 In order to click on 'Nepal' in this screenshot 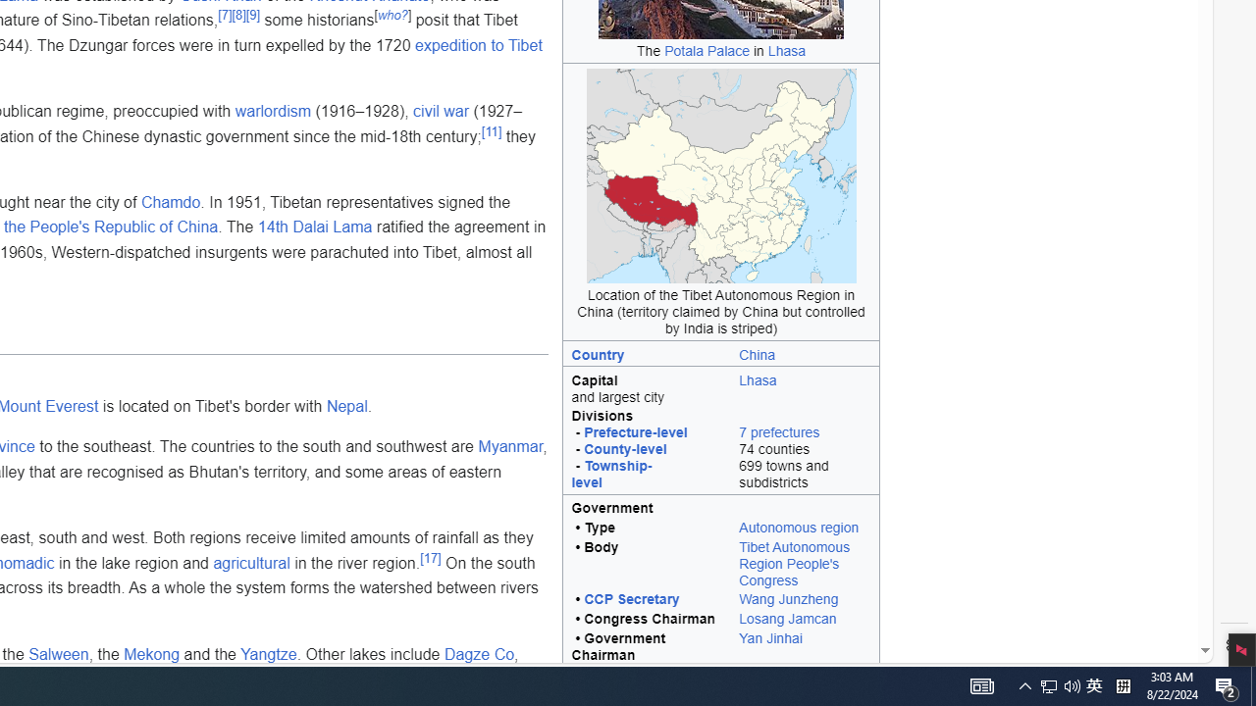, I will do `click(346, 404)`.